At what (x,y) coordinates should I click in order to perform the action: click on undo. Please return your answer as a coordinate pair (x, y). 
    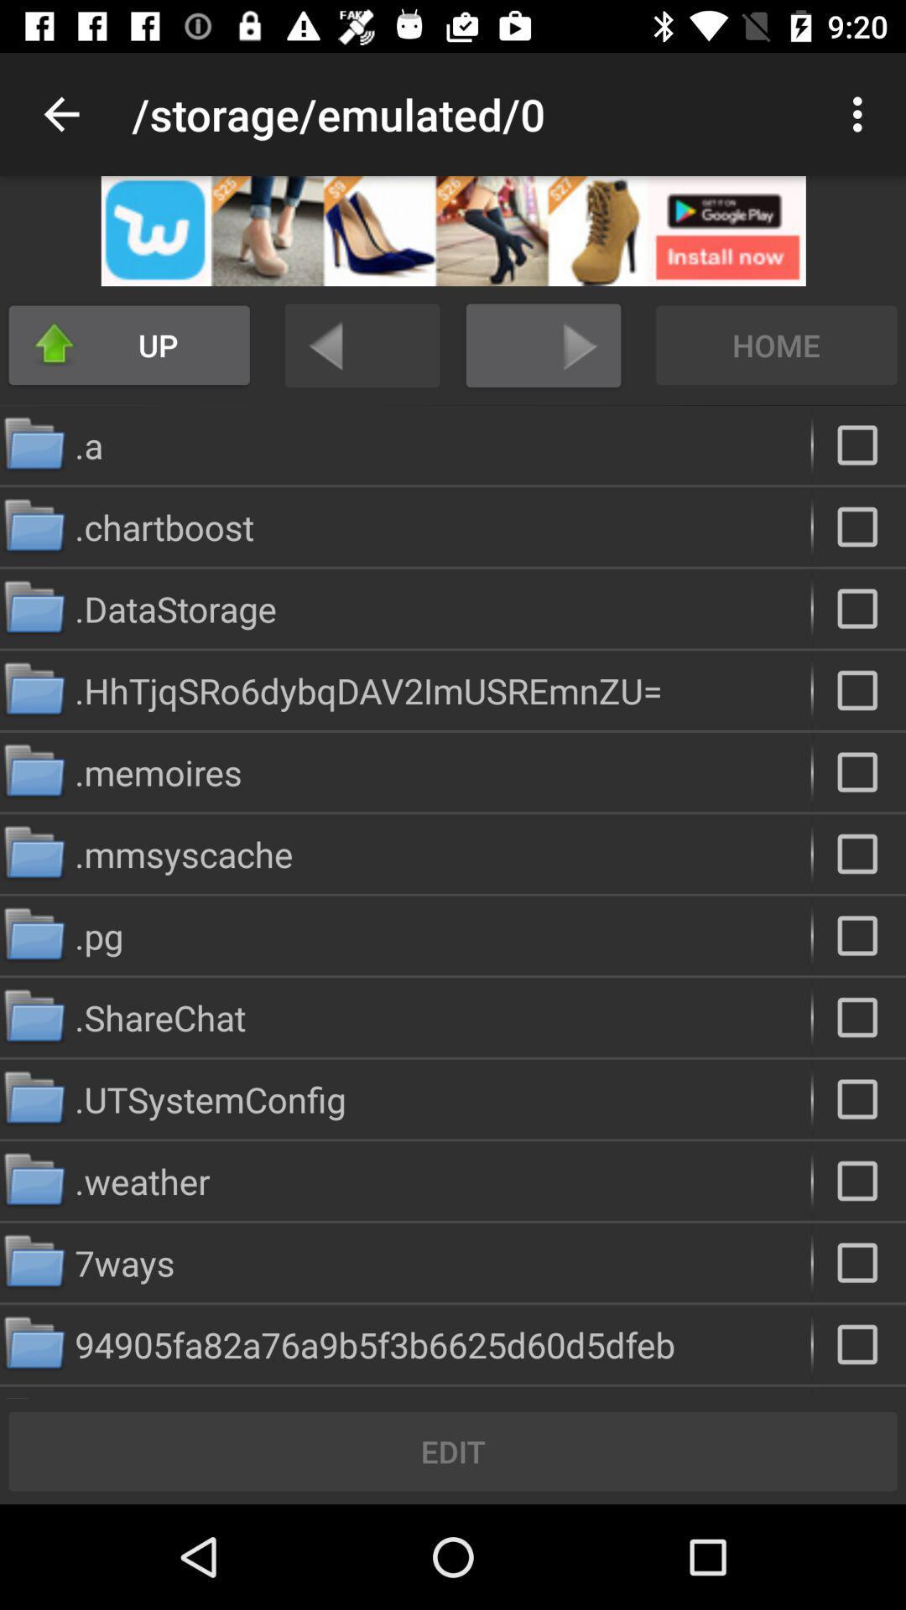
    Looking at the image, I should click on (362, 345).